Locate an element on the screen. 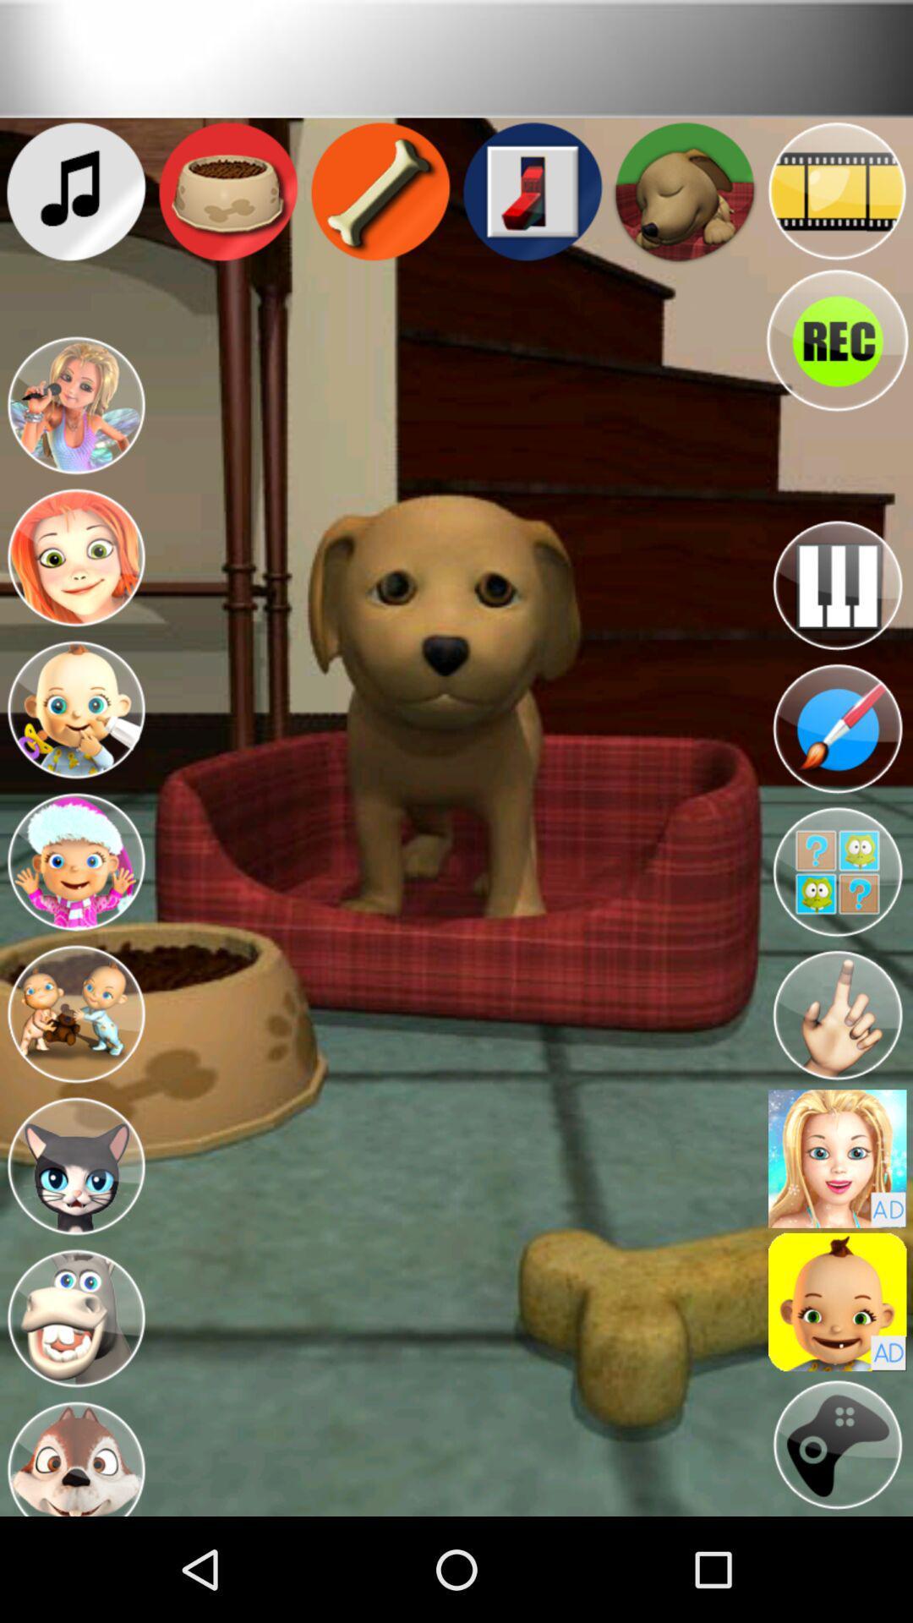 The height and width of the screenshot is (1623, 913). chipmunk icon is located at coordinates (74, 1455).